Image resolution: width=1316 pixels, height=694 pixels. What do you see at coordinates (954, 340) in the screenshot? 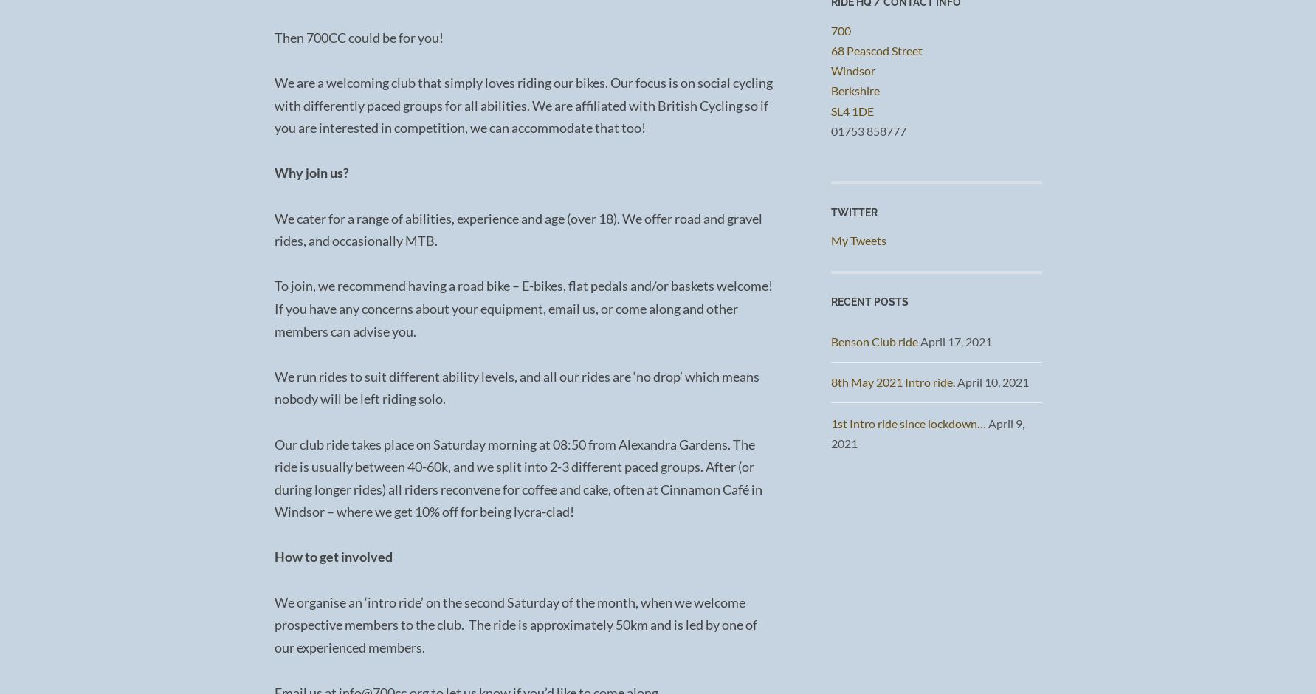
I see `'April 17, 2021'` at bounding box center [954, 340].